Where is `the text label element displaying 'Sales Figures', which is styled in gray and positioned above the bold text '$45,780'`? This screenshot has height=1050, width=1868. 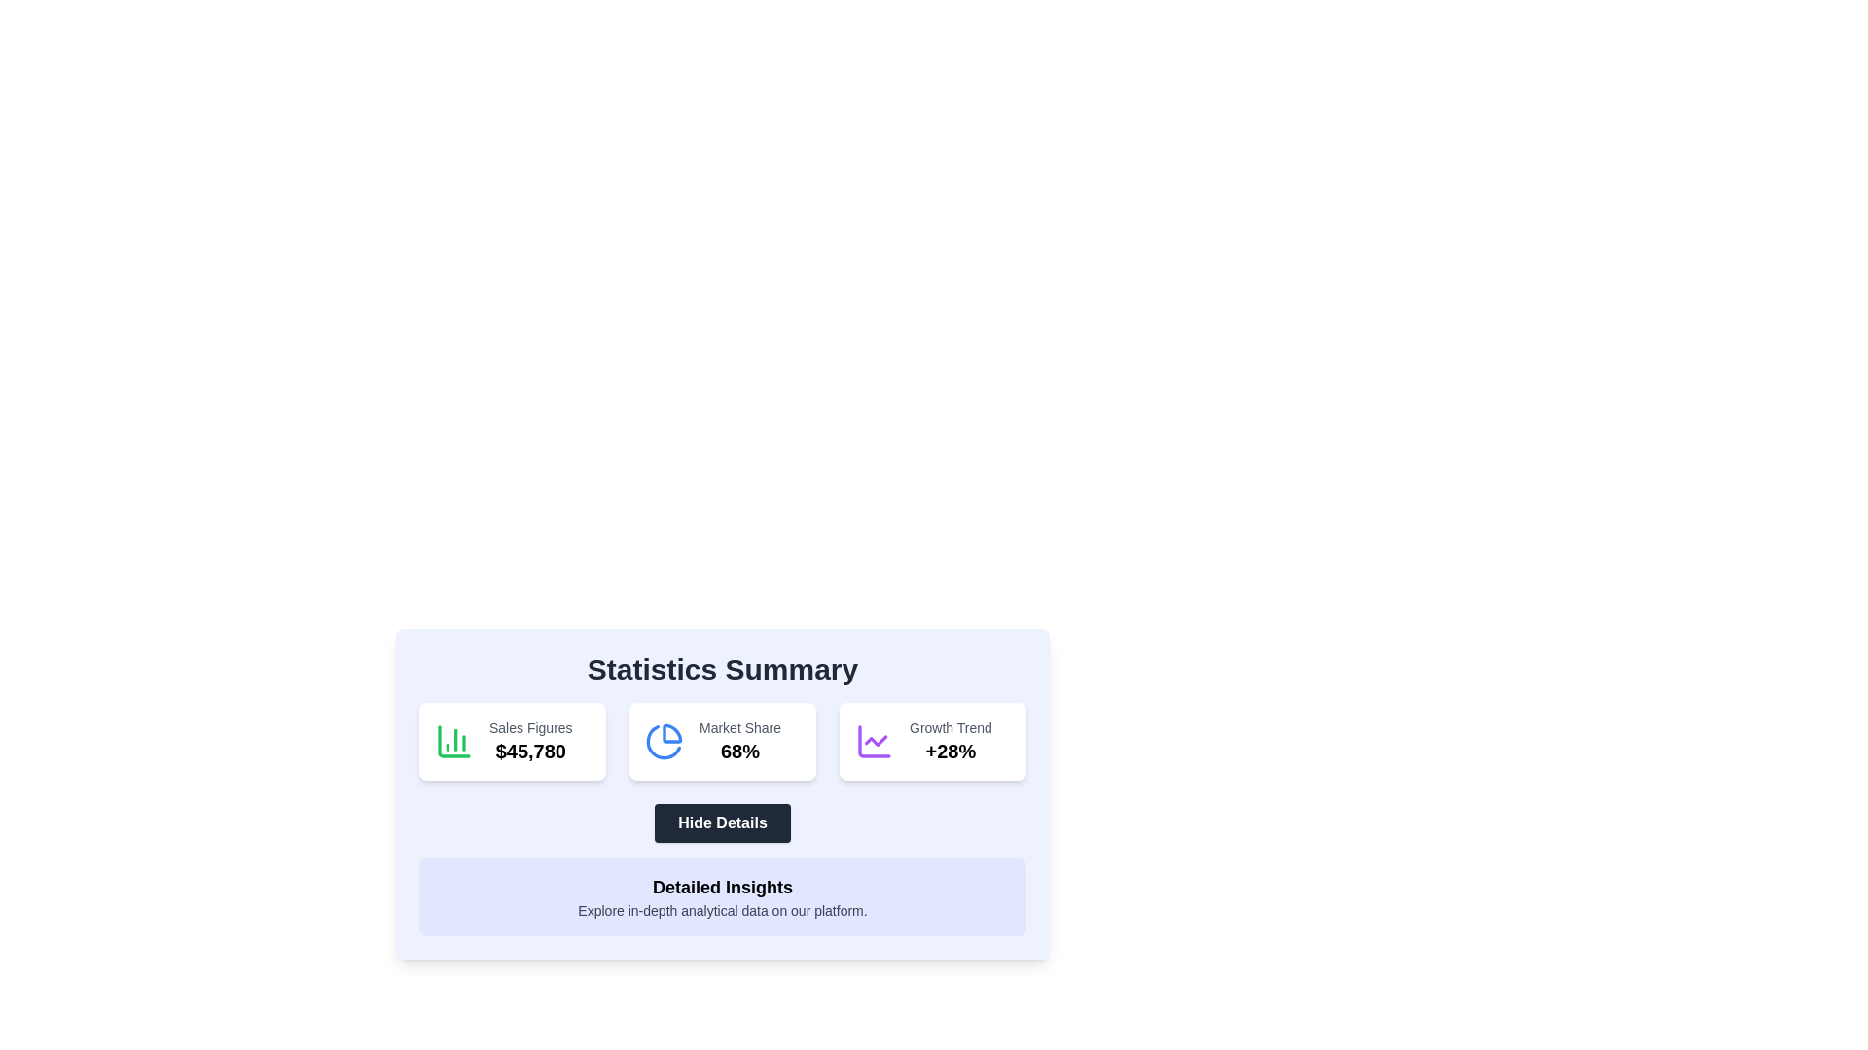
the text label element displaying 'Sales Figures', which is styled in gray and positioned above the bold text '$45,780' is located at coordinates (530, 727).